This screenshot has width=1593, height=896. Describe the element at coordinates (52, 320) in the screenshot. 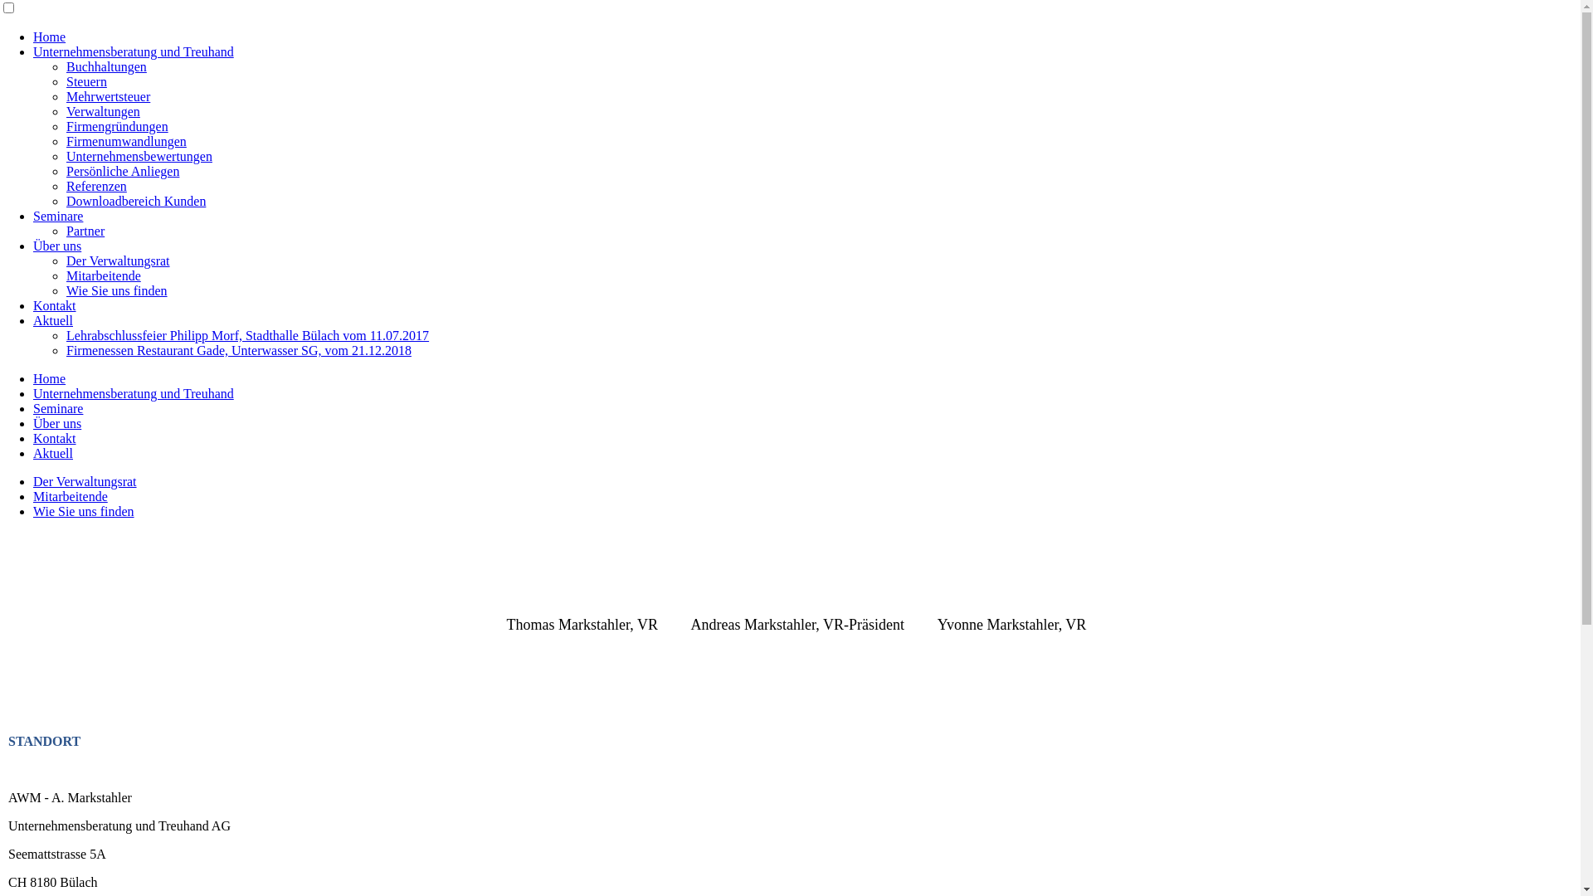

I see `'Aktuell'` at that location.